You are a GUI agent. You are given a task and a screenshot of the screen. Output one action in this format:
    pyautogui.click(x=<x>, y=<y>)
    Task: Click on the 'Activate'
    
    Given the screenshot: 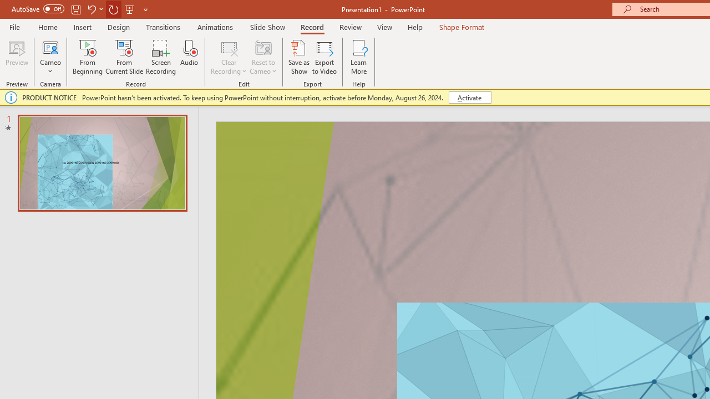 What is the action you would take?
    pyautogui.click(x=470, y=97)
    